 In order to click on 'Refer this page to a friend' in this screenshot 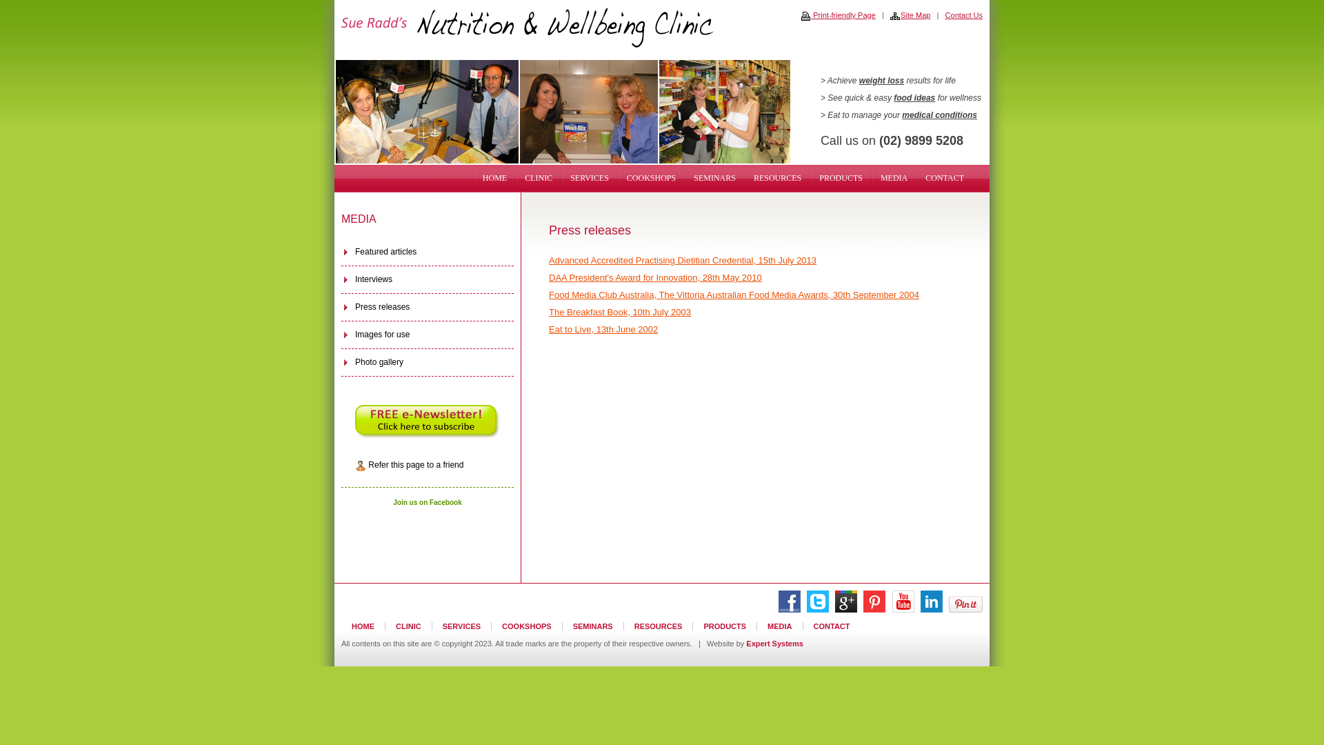, I will do `click(426, 465)`.